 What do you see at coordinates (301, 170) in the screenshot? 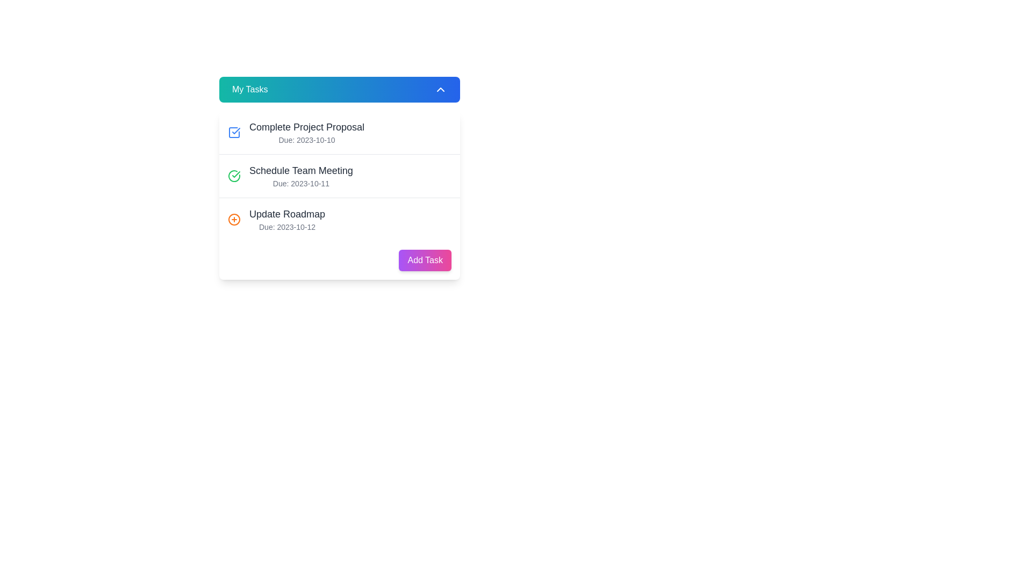
I see `the text label representing the title of the second task in the to-do list, which is positioned between 'Complete Project Proposal' and 'Update Roadmap'` at bounding box center [301, 170].